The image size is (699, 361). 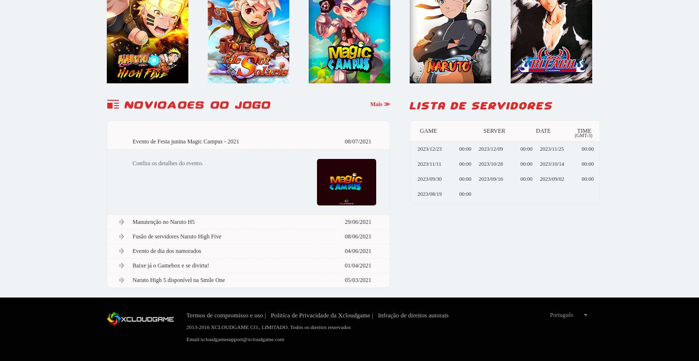 What do you see at coordinates (248, 205) in the screenshot?
I see `'explore o mundo e encontre os contos de fantasia!'` at bounding box center [248, 205].